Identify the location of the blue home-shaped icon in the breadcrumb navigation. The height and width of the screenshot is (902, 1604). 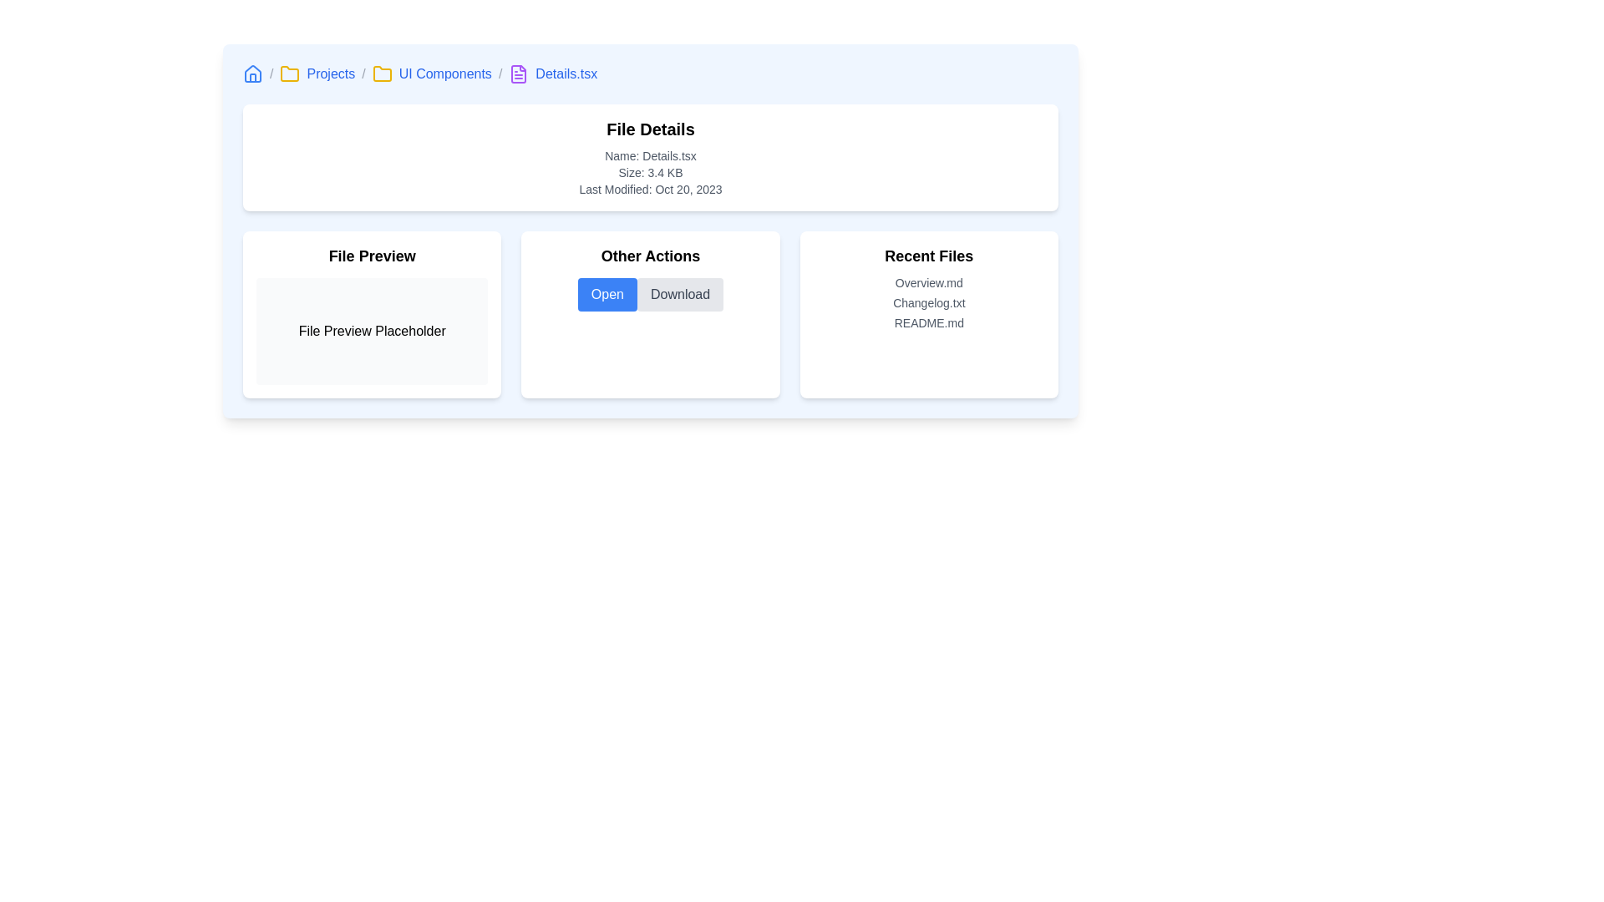
(289, 73).